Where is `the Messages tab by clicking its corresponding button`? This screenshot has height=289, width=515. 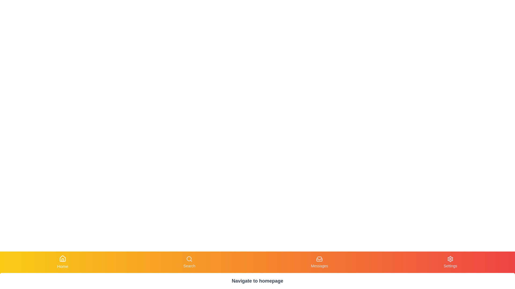 the Messages tab by clicking its corresponding button is located at coordinates (319, 262).